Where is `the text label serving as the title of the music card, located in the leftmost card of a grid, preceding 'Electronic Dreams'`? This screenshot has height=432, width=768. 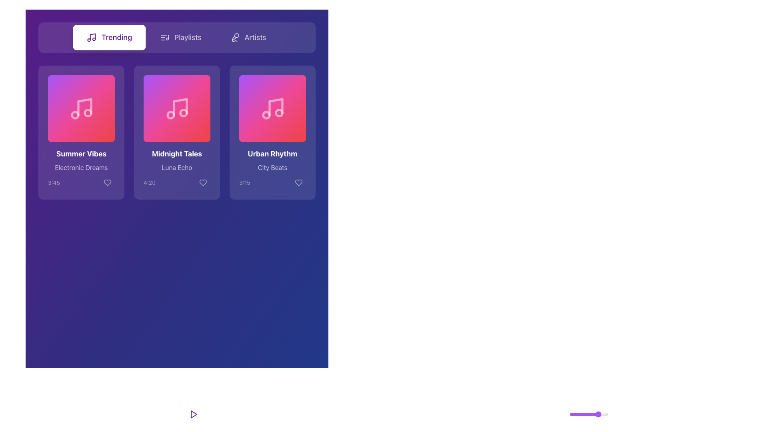
the text label serving as the title of the music card, located in the leftmost card of a grid, preceding 'Electronic Dreams' is located at coordinates (81, 154).